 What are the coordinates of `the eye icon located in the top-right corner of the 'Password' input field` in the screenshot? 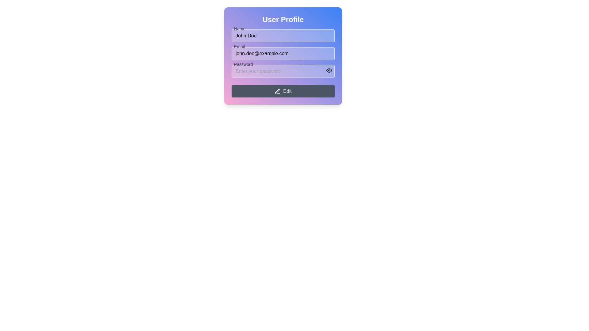 It's located at (329, 70).